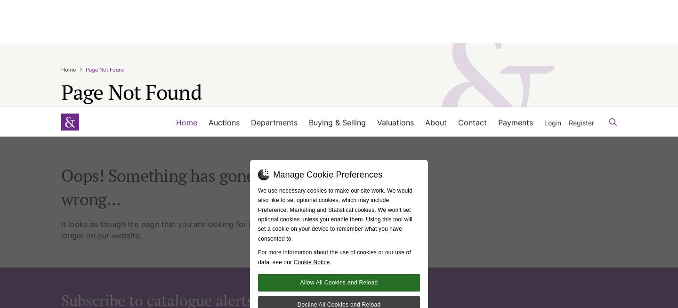  Describe the element at coordinates (460, 60) in the screenshot. I see `'Auction Insights'` at that location.